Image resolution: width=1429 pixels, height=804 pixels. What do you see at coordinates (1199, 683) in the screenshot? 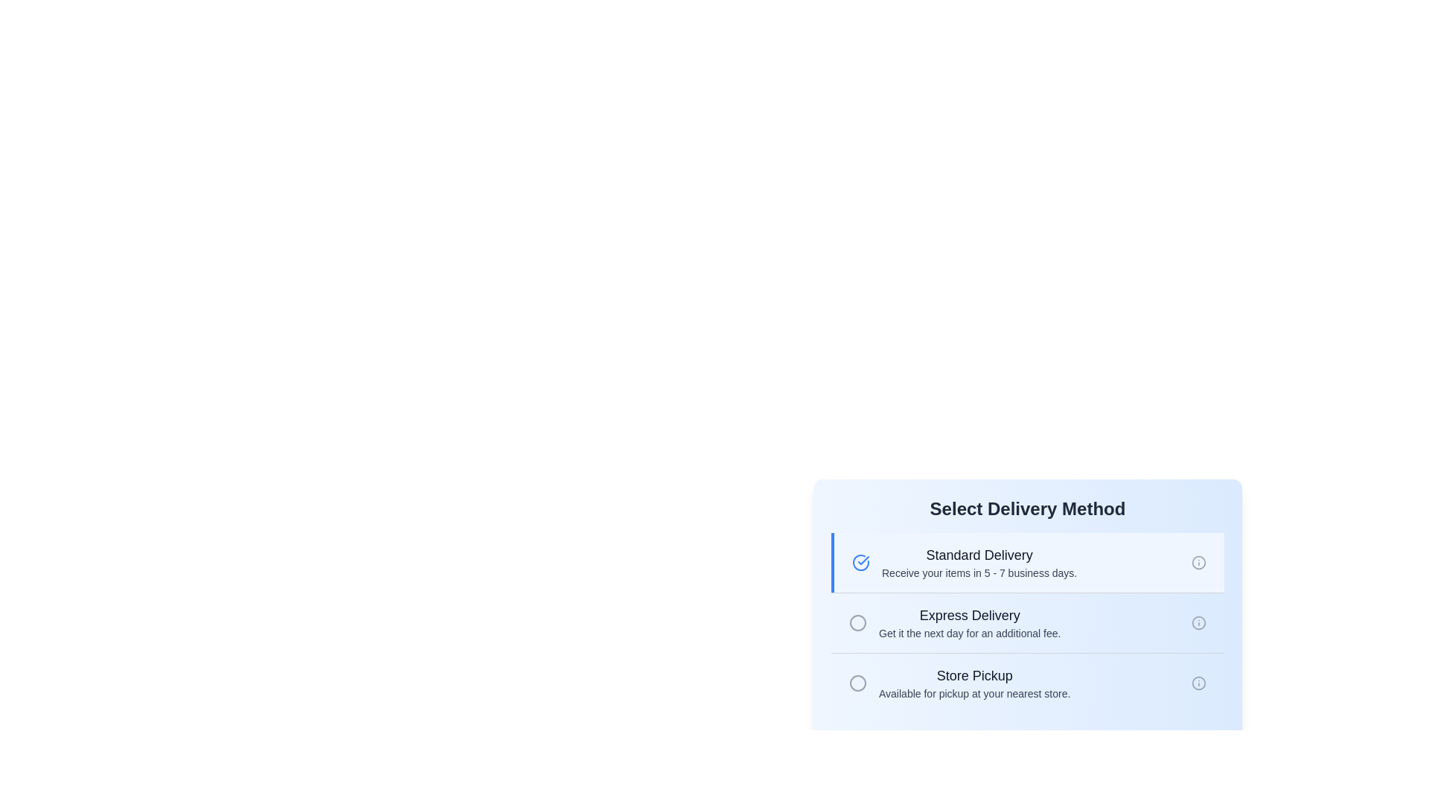
I see `the decorative SVG circle graphic component located next to the 'Store Pickup' text, positioned at the bottom of the delivery options` at bounding box center [1199, 683].